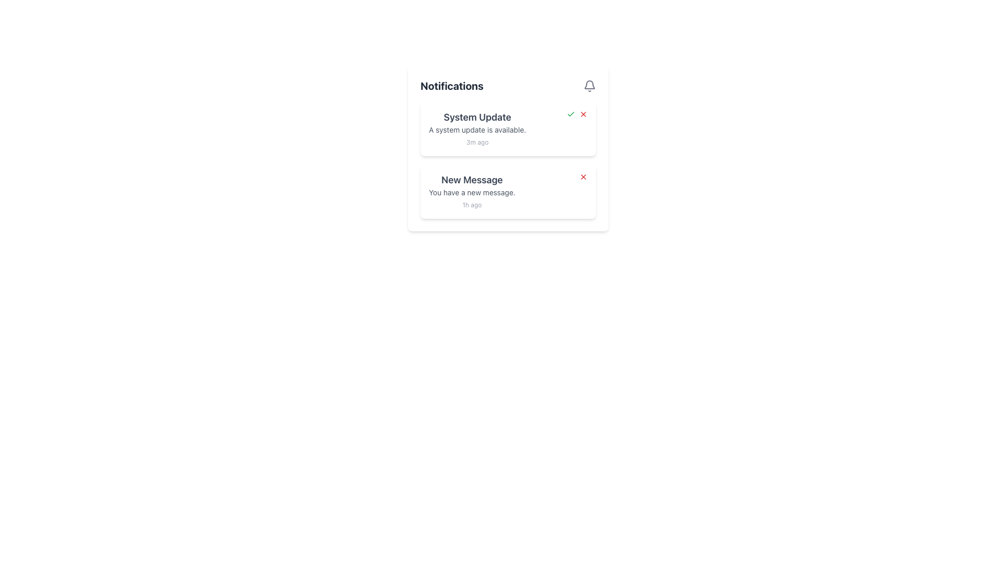  Describe the element at coordinates (583, 114) in the screenshot. I see `the red cross button located in the top-right corner of the first notification item` at that location.